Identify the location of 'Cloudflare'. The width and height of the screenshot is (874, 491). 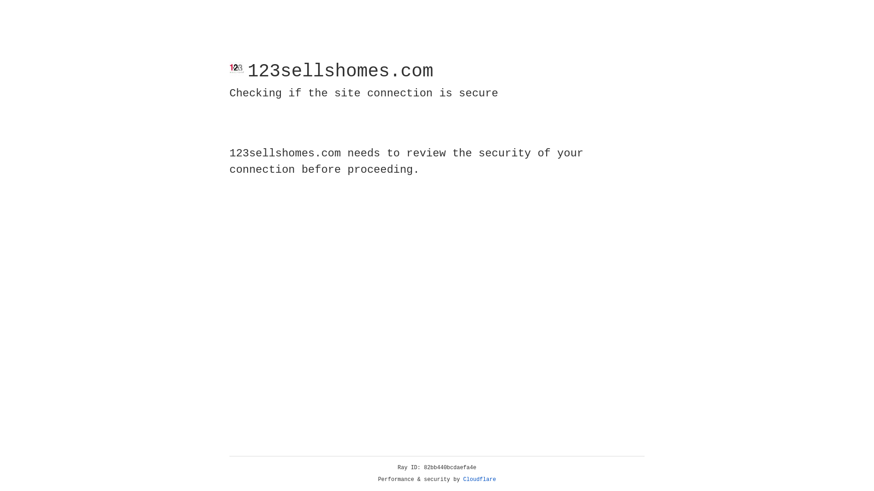
(479, 479).